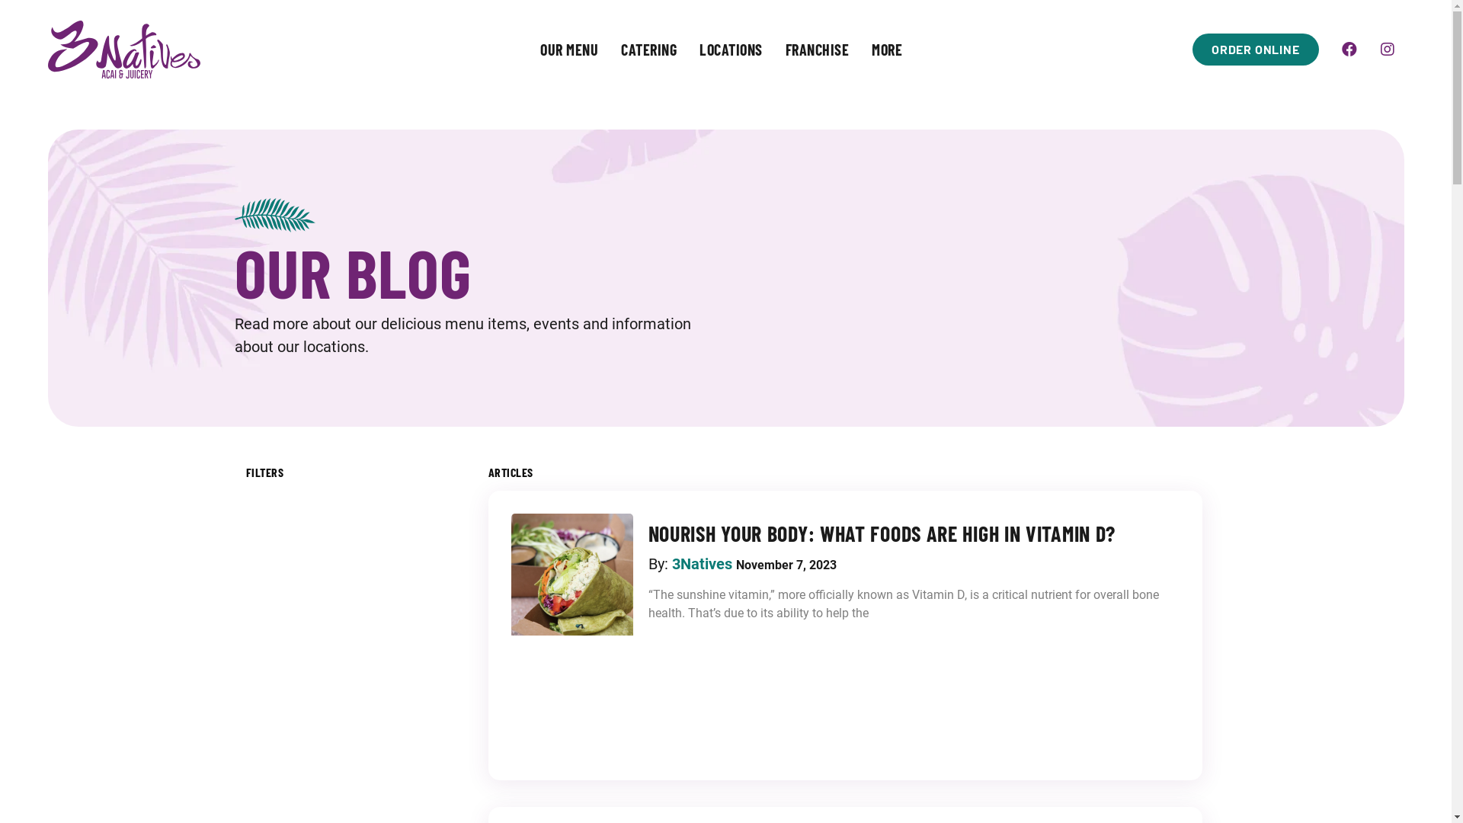 The height and width of the screenshot is (823, 1463). I want to click on 'OUR MENU', so click(568, 49).